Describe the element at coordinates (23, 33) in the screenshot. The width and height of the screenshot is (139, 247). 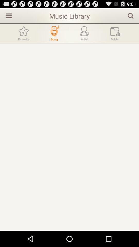
I see `favorites` at that location.